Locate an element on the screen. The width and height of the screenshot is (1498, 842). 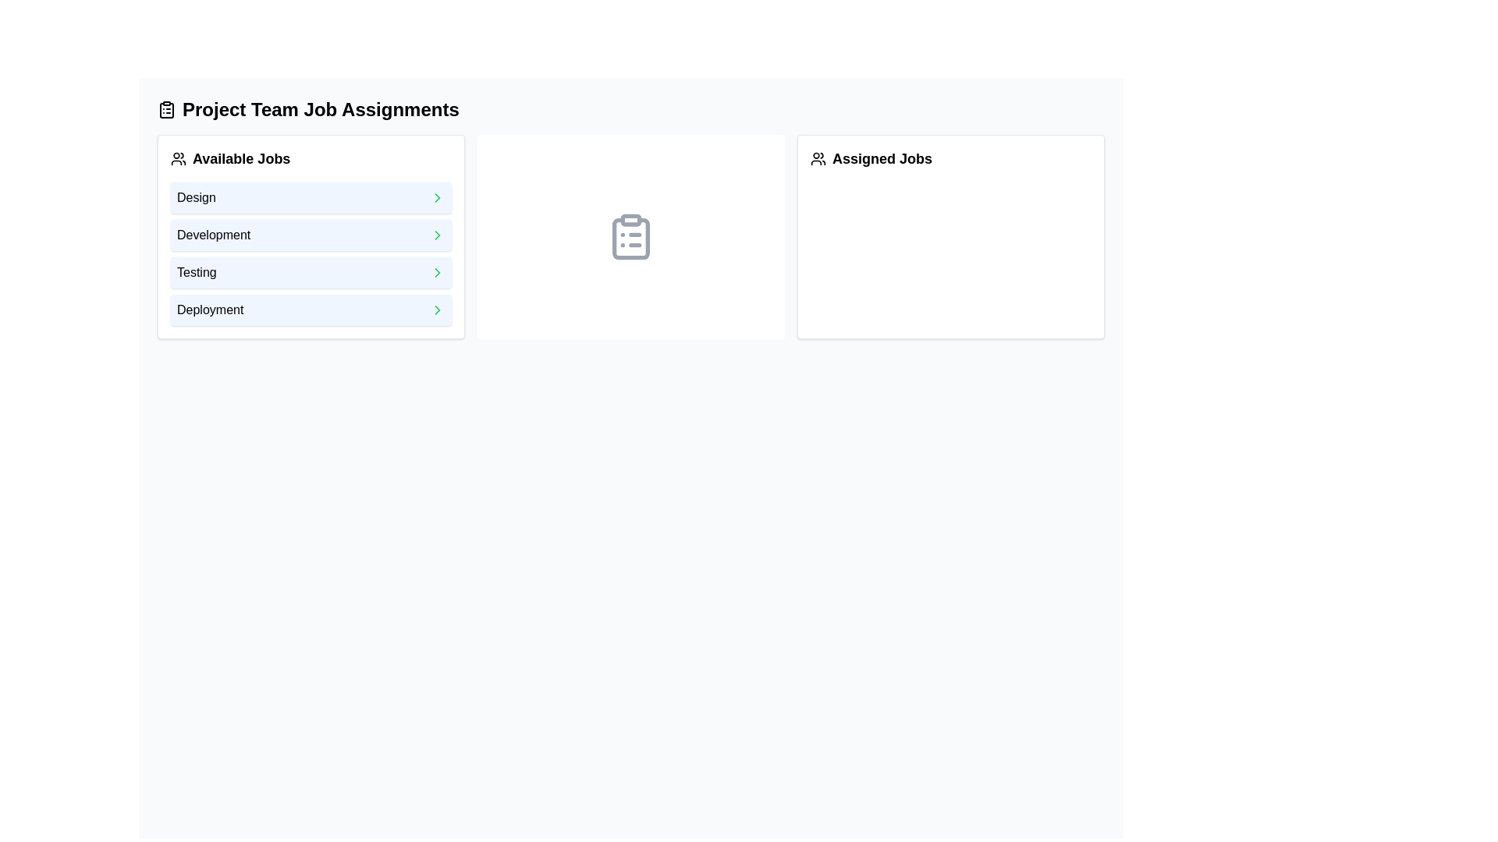
the text label displaying 'Deployment', which is the last item in the 'Available Jobs' list styled in bold black text against a light background is located at coordinates (209, 310).